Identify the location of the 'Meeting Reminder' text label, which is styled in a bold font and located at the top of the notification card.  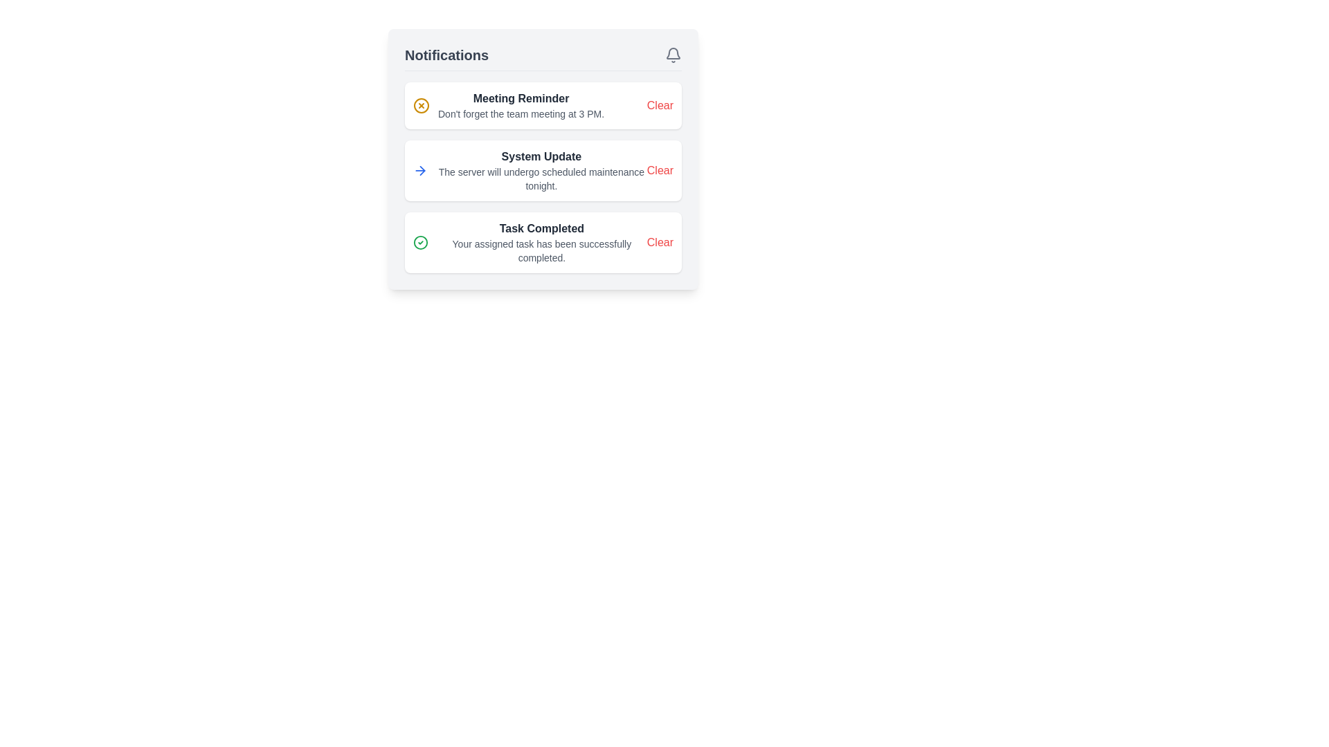
(521, 98).